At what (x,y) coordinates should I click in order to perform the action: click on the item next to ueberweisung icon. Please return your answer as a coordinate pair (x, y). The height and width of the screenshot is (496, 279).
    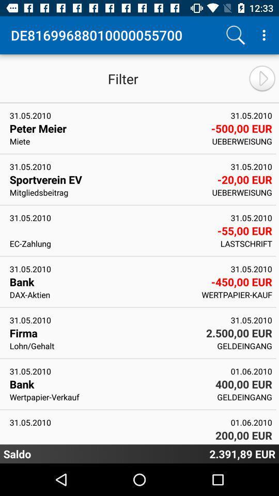
    Looking at the image, I should click on (110, 179).